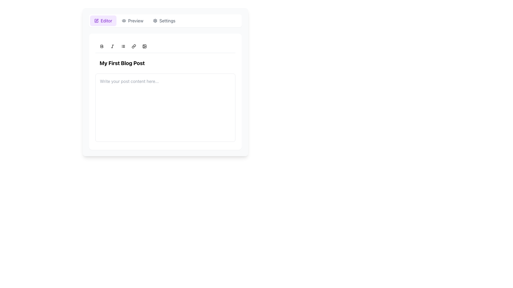 Image resolution: width=513 pixels, height=288 pixels. What do you see at coordinates (106, 20) in the screenshot?
I see `text 'Editor' label located in the top-left corner of the interface, which identifies the editor functionality` at bounding box center [106, 20].